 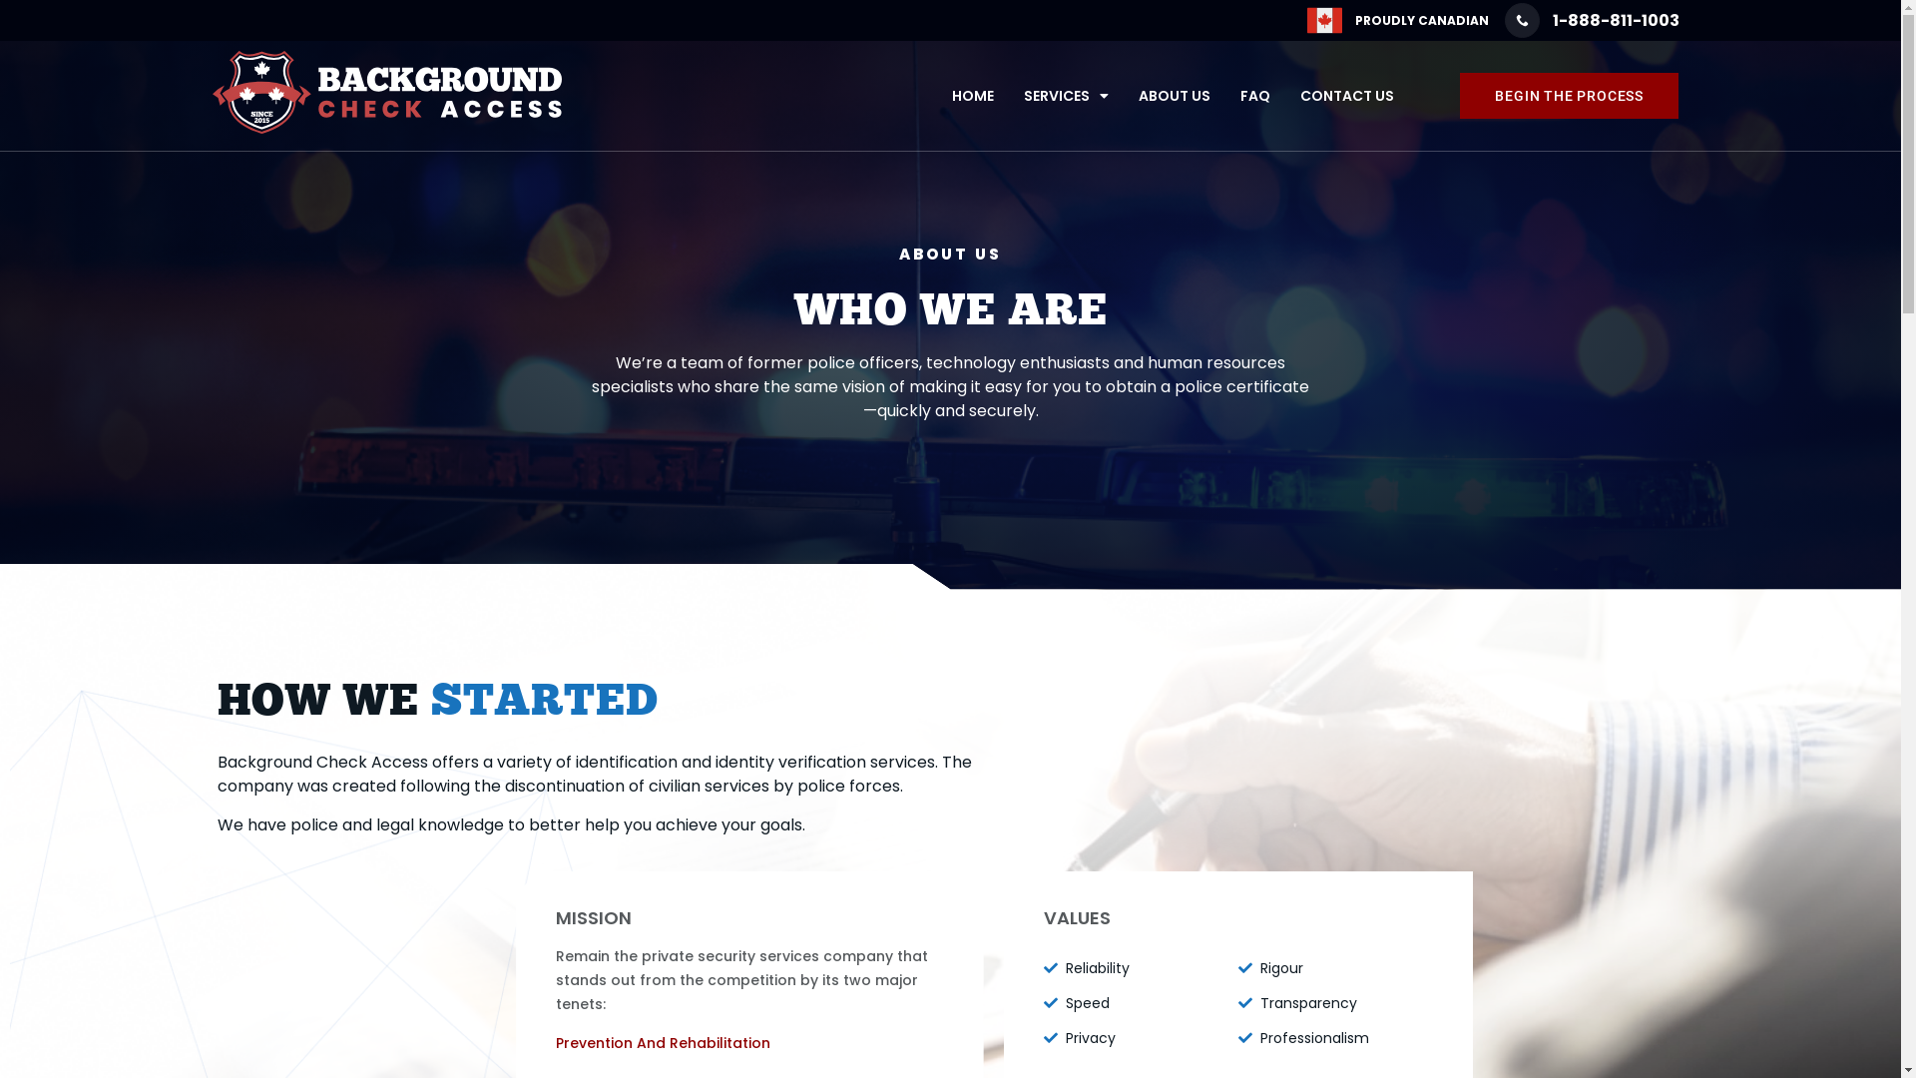 I want to click on 'HOME', so click(x=972, y=96).